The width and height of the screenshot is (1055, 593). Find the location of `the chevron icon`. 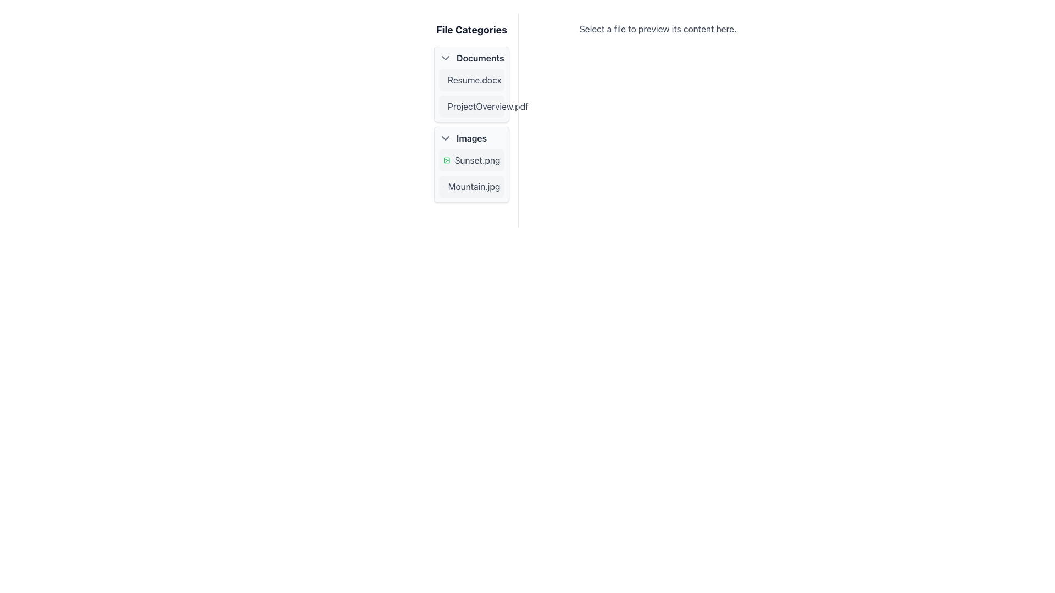

the chevron icon is located at coordinates (446, 58).